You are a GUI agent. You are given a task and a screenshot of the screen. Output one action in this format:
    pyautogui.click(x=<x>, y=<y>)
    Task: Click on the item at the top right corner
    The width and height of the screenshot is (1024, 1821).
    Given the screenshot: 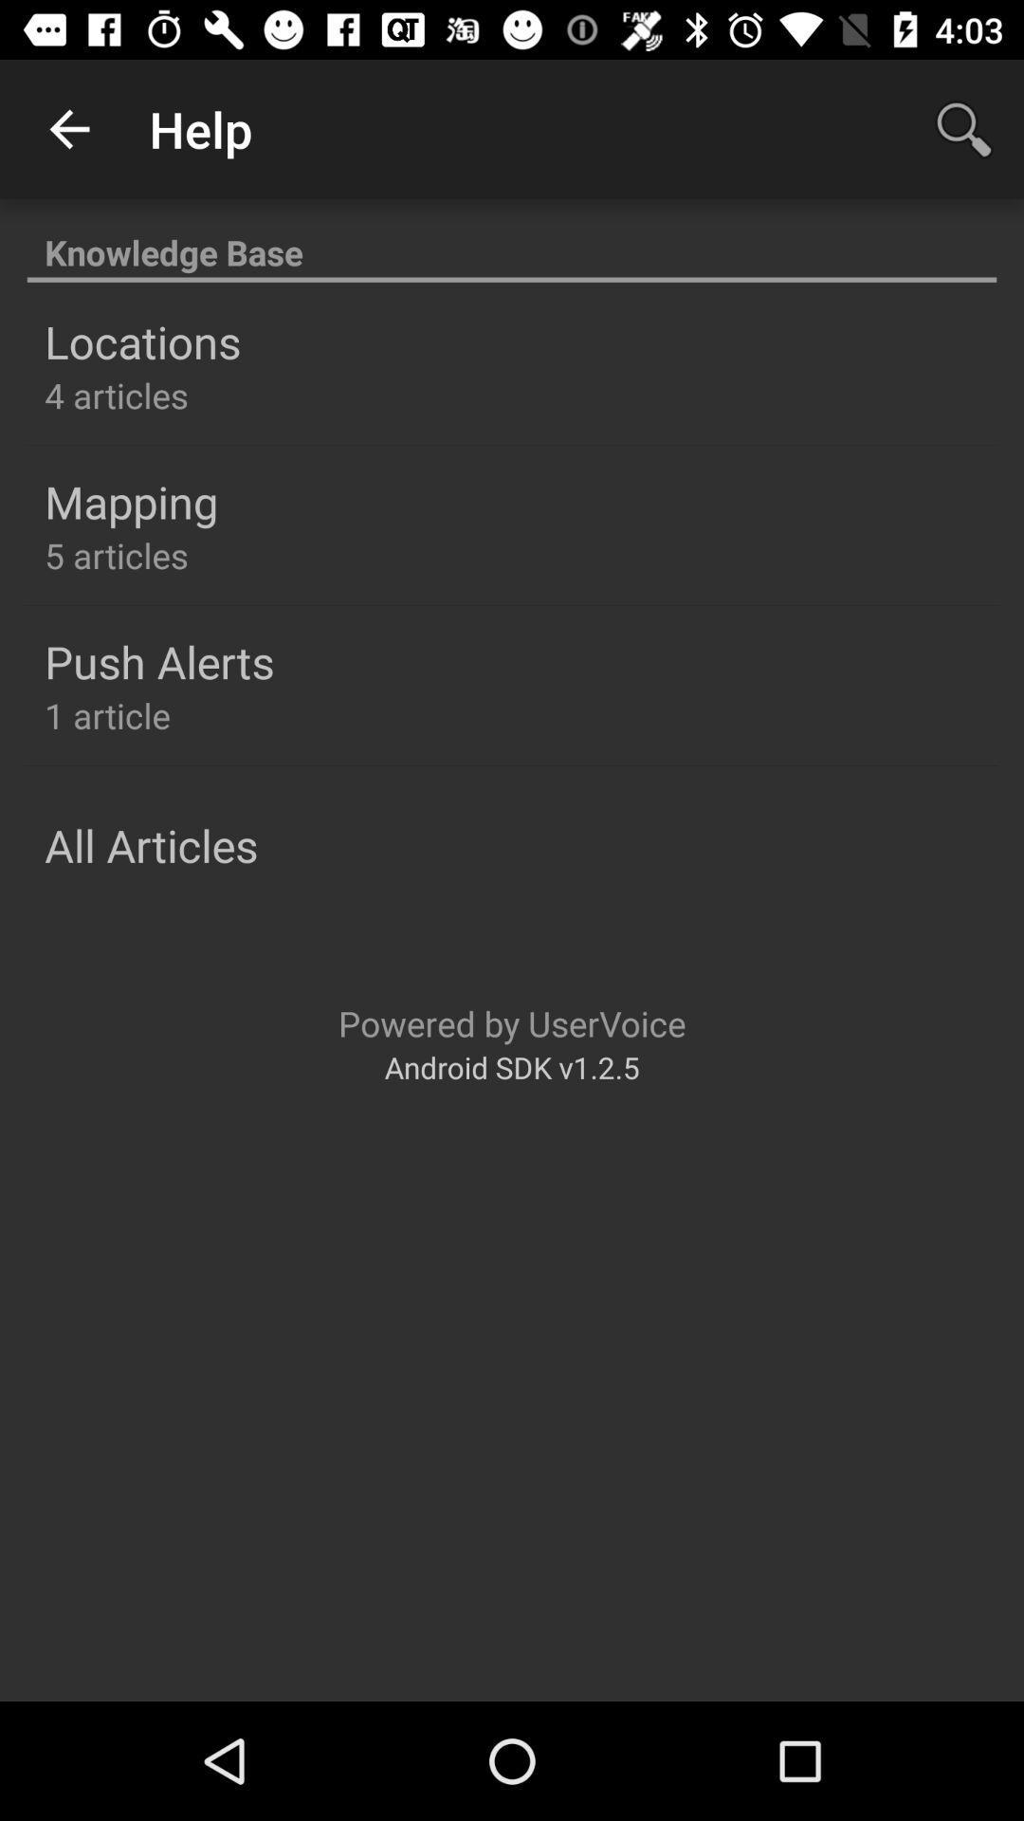 What is the action you would take?
    pyautogui.click(x=964, y=128)
    